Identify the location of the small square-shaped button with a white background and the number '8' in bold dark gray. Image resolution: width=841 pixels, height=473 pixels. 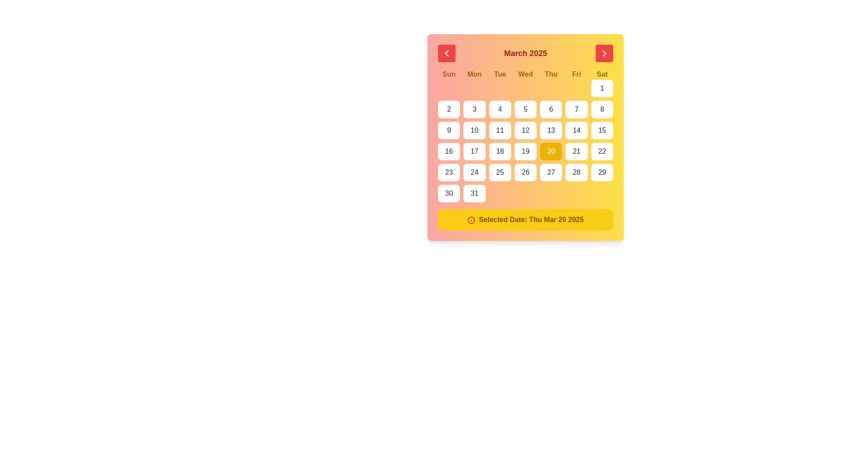
(601, 109).